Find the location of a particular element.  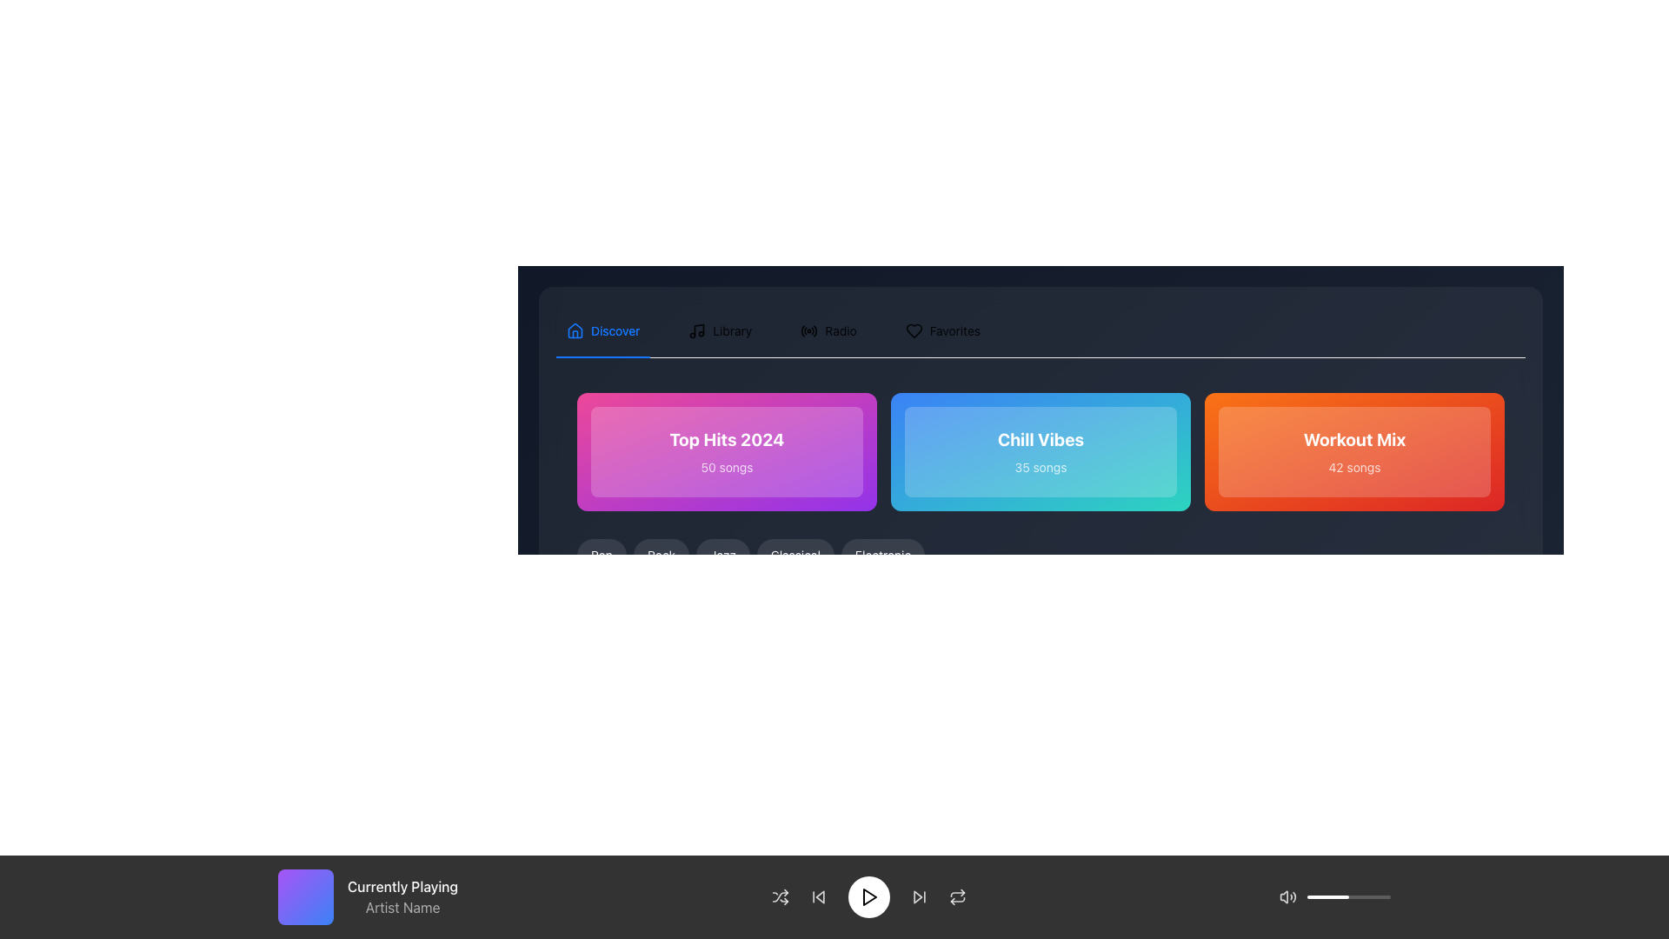

the first button in the horizontal list of music categories is located at coordinates (602, 556).